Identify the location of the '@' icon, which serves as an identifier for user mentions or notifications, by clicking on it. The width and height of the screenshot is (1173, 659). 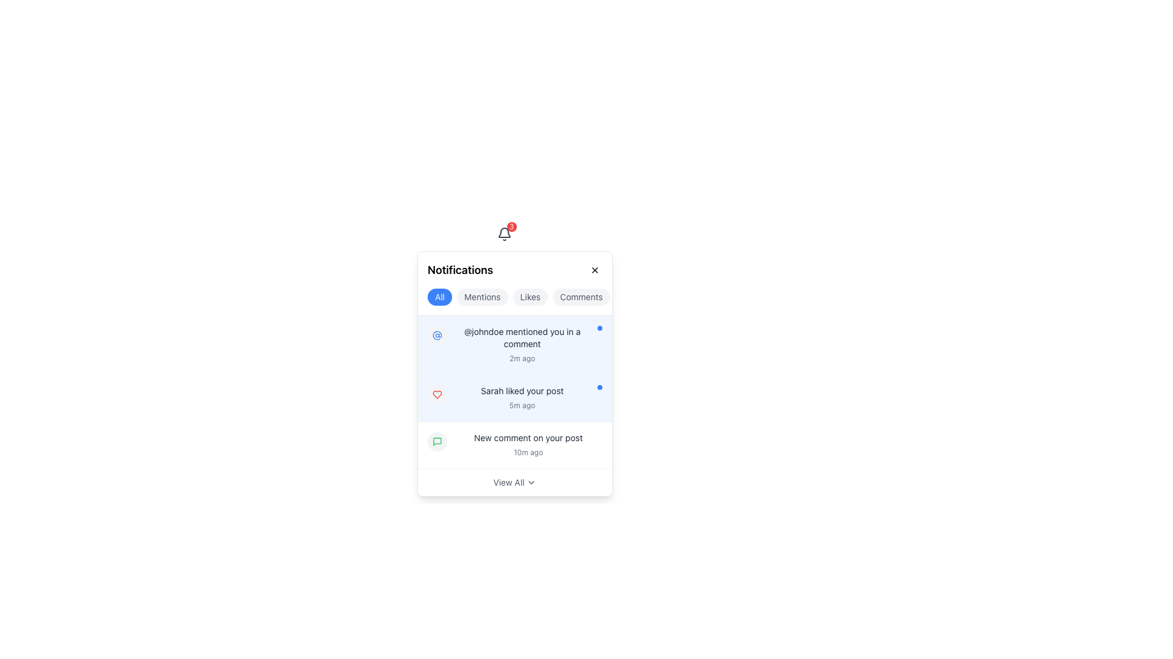
(437, 336).